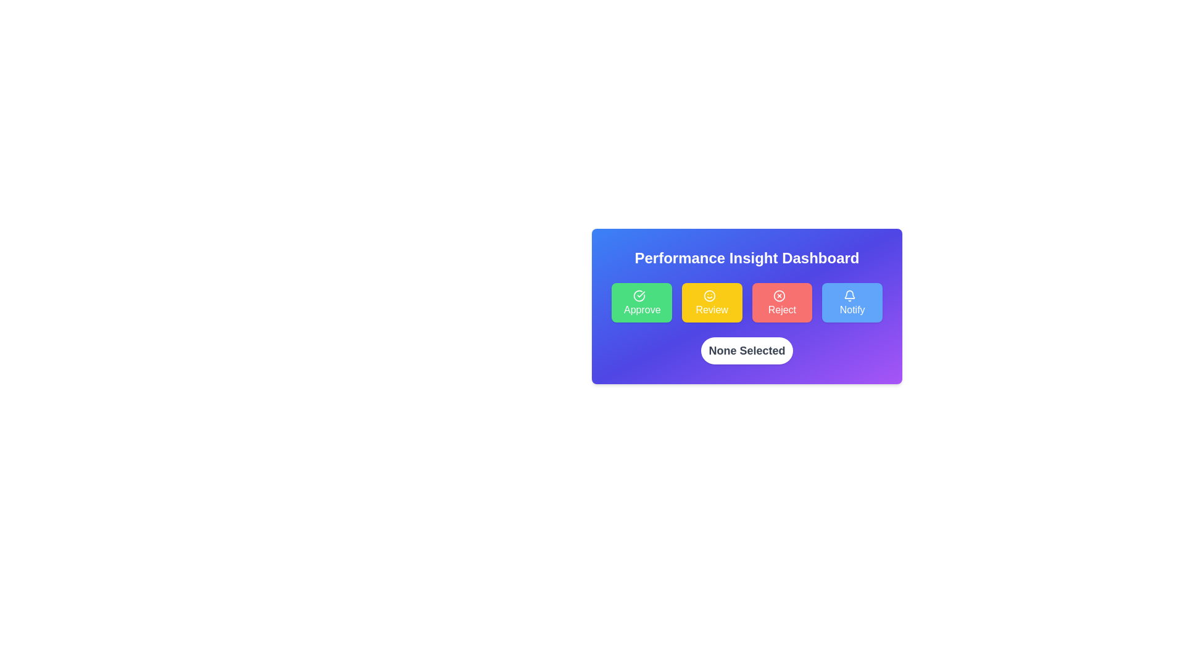 The height and width of the screenshot is (666, 1185). What do you see at coordinates (746, 302) in the screenshot?
I see `the 'Review' button in the Button group of the 'Performance Insight Dashboard' to initiate the review process` at bounding box center [746, 302].